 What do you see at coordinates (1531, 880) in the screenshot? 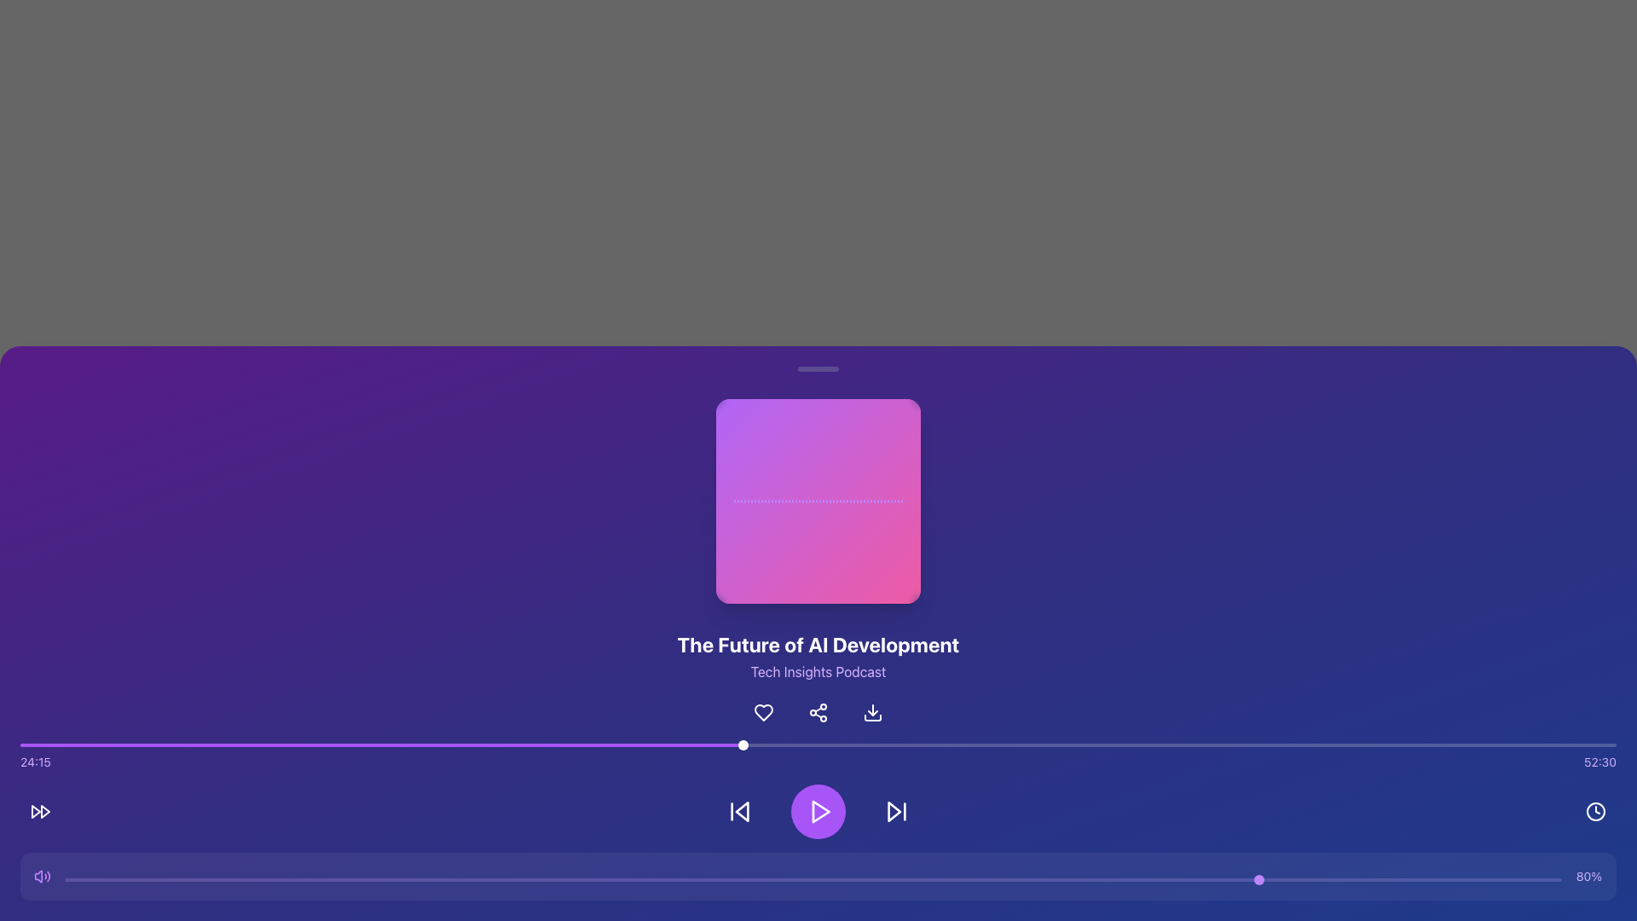
I see `the slider value` at bounding box center [1531, 880].